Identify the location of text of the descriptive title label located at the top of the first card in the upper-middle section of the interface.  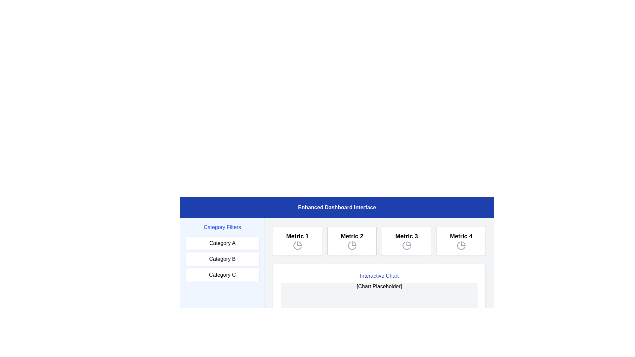
(297, 236).